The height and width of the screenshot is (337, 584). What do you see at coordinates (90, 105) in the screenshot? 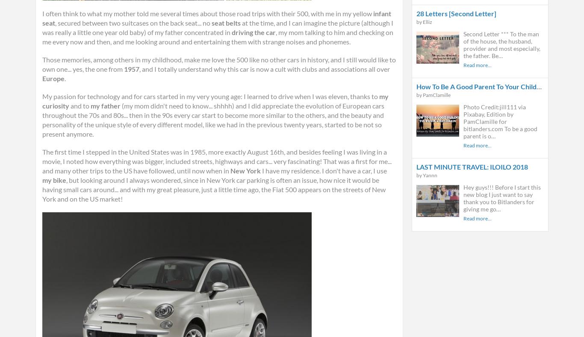
I see `'my father'` at bounding box center [90, 105].